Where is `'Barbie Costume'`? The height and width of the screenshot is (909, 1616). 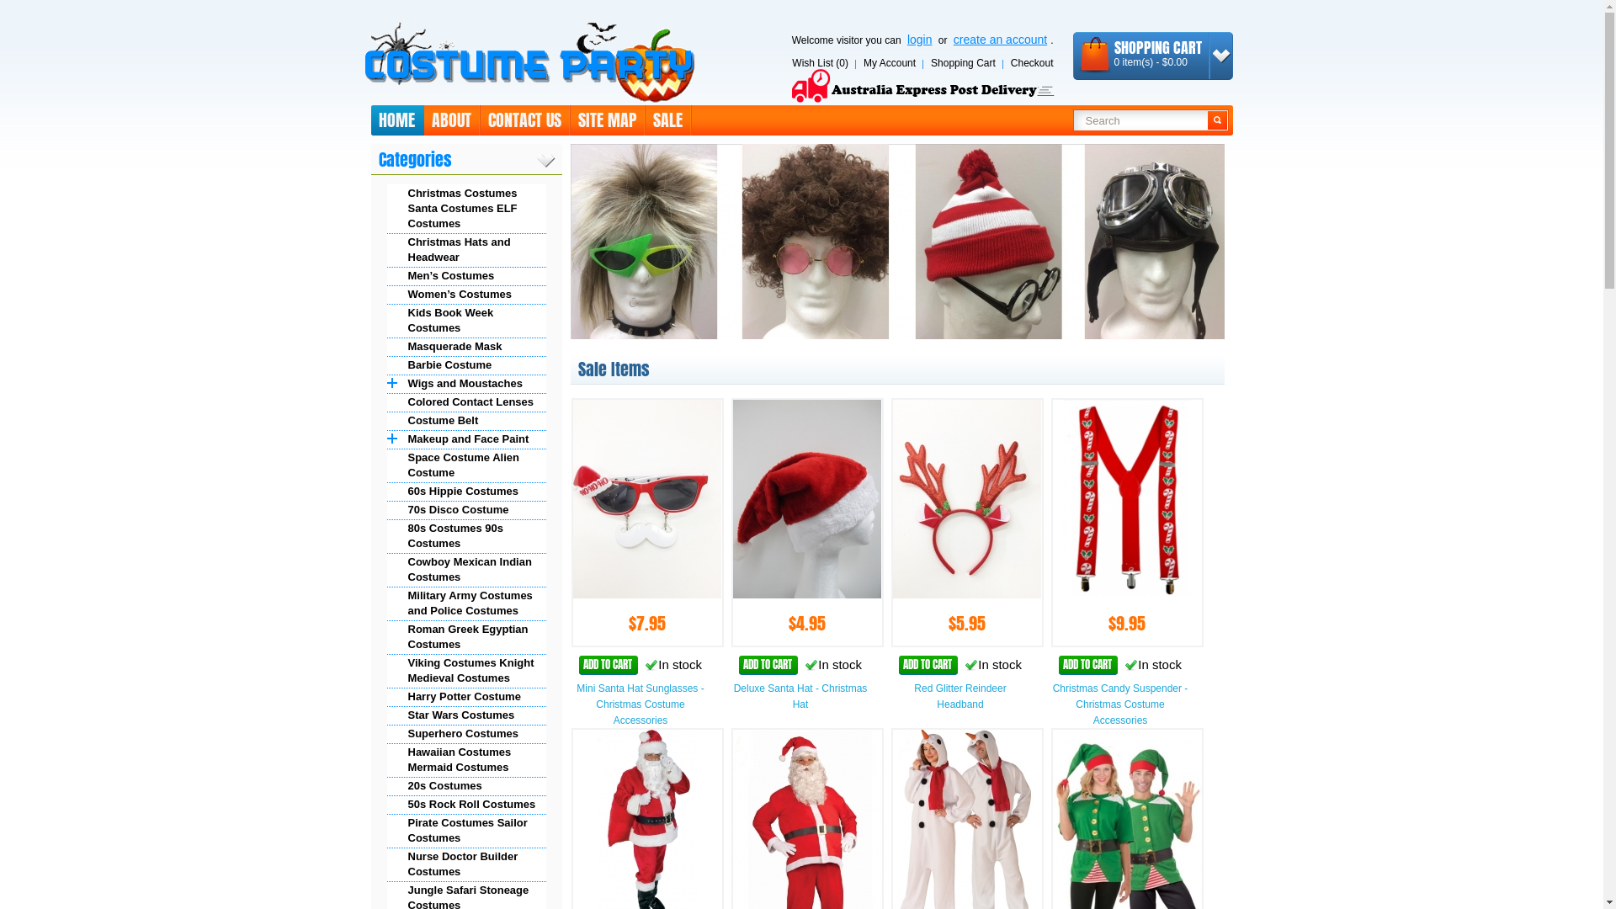 'Barbie Costume' is located at coordinates (466, 364).